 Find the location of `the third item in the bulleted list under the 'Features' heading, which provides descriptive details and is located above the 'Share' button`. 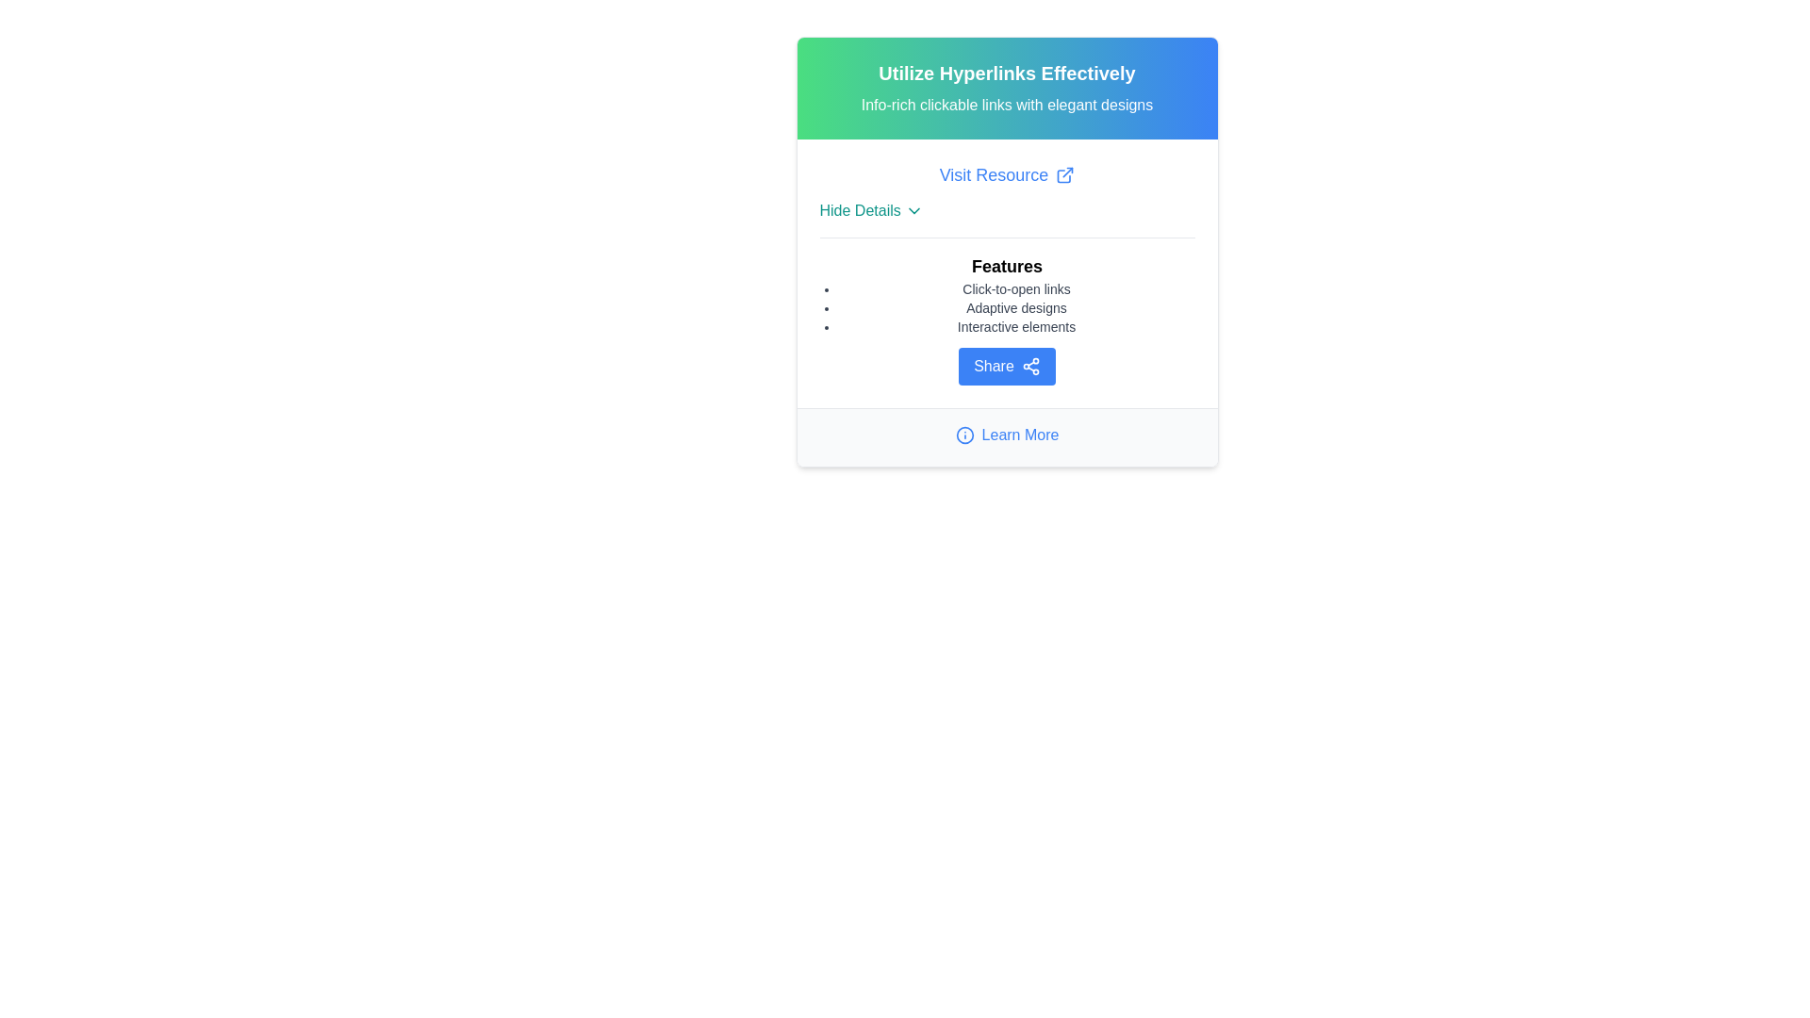

the third item in the bulleted list under the 'Features' heading, which provides descriptive details and is located above the 'Share' button is located at coordinates (1015, 326).